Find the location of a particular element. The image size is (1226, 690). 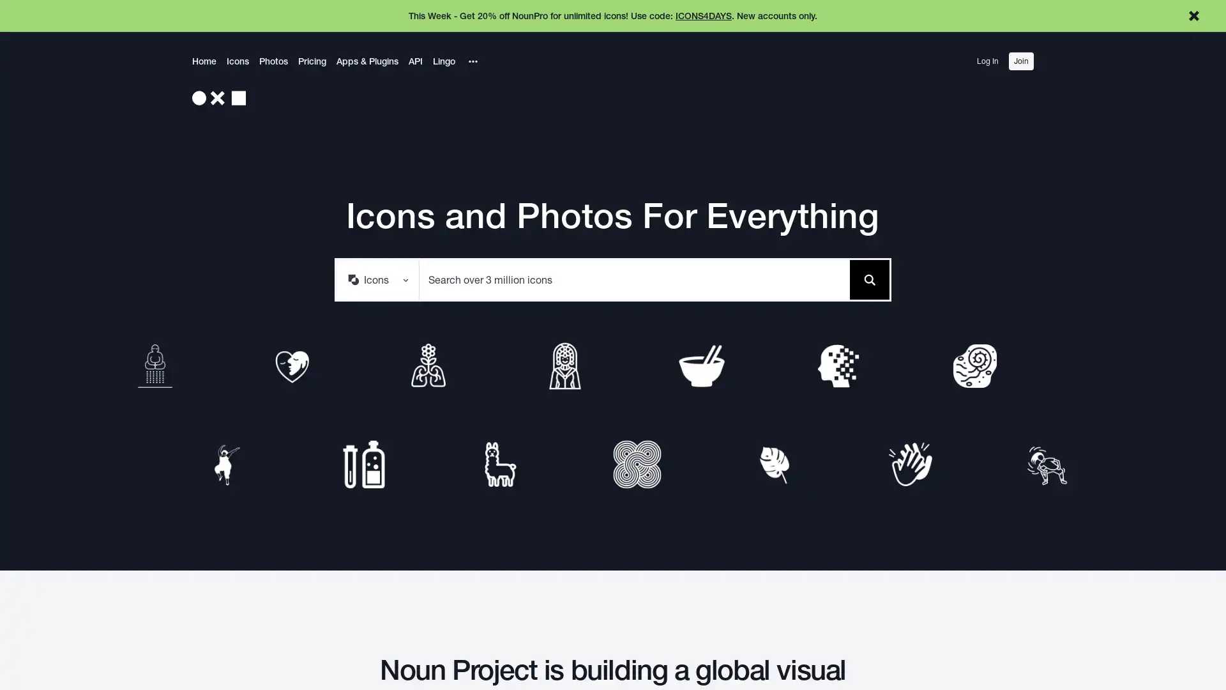

Overflow Menu is located at coordinates (472, 61).